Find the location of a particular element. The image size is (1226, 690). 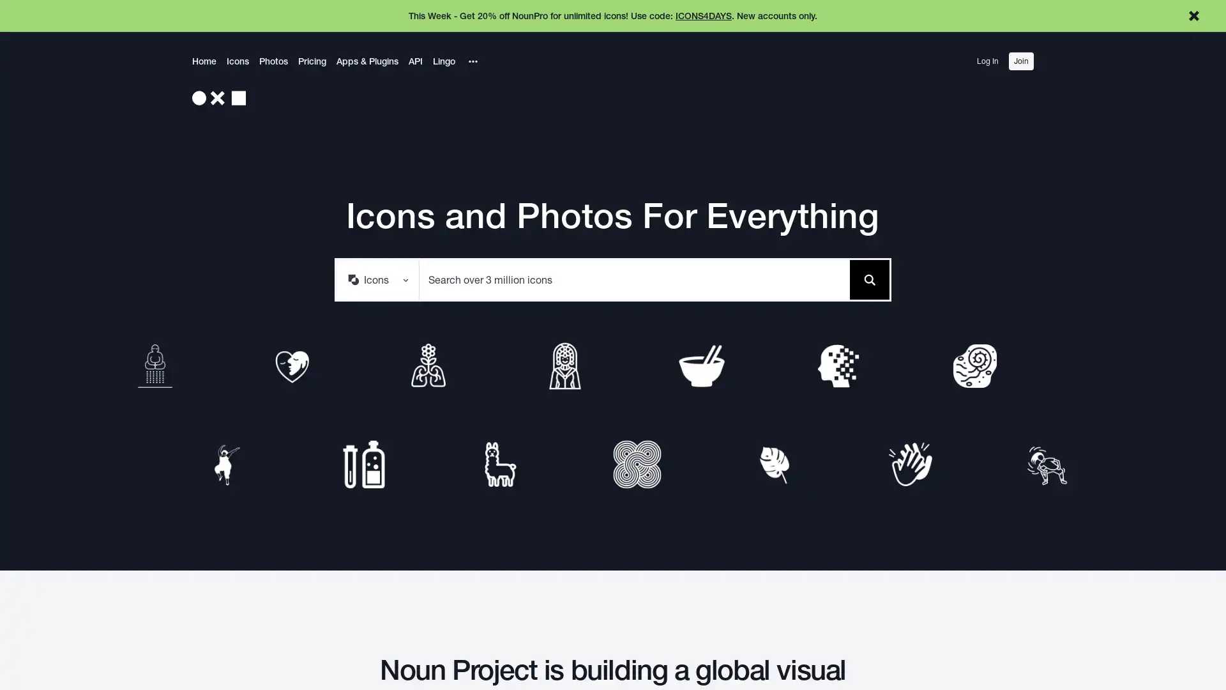

Overflow Menu is located at coordinates (472, 61).